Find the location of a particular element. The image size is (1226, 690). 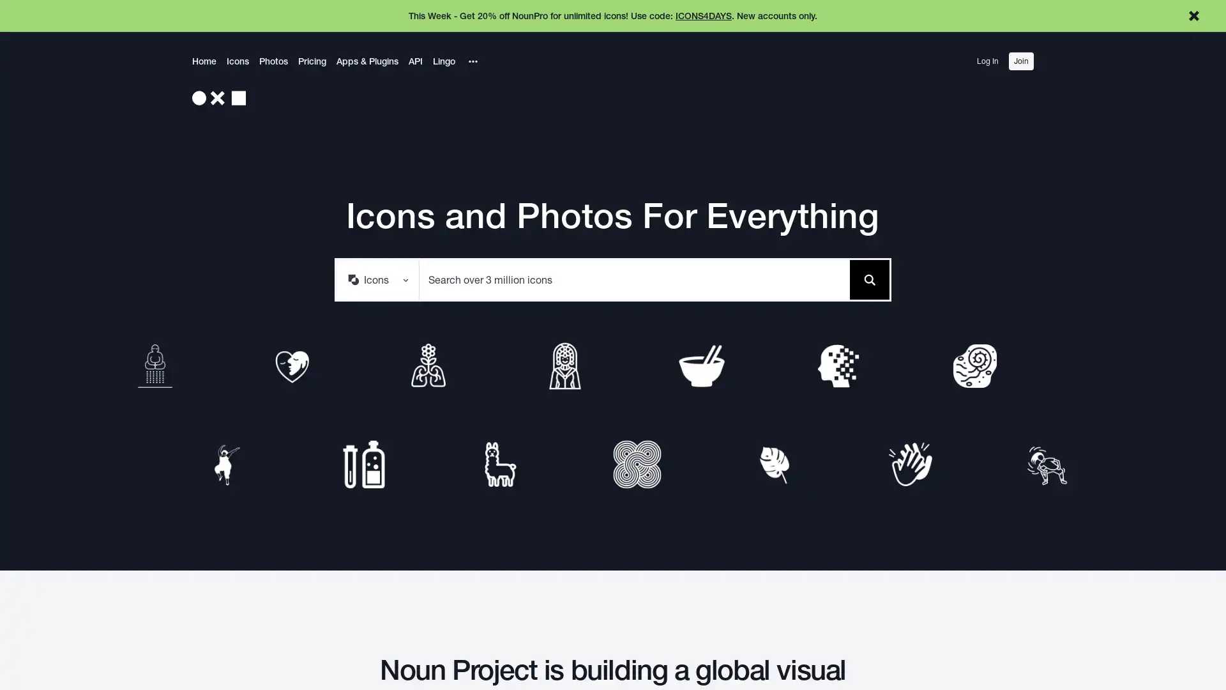

Overflow Menu is located at coordinates (472, 61).